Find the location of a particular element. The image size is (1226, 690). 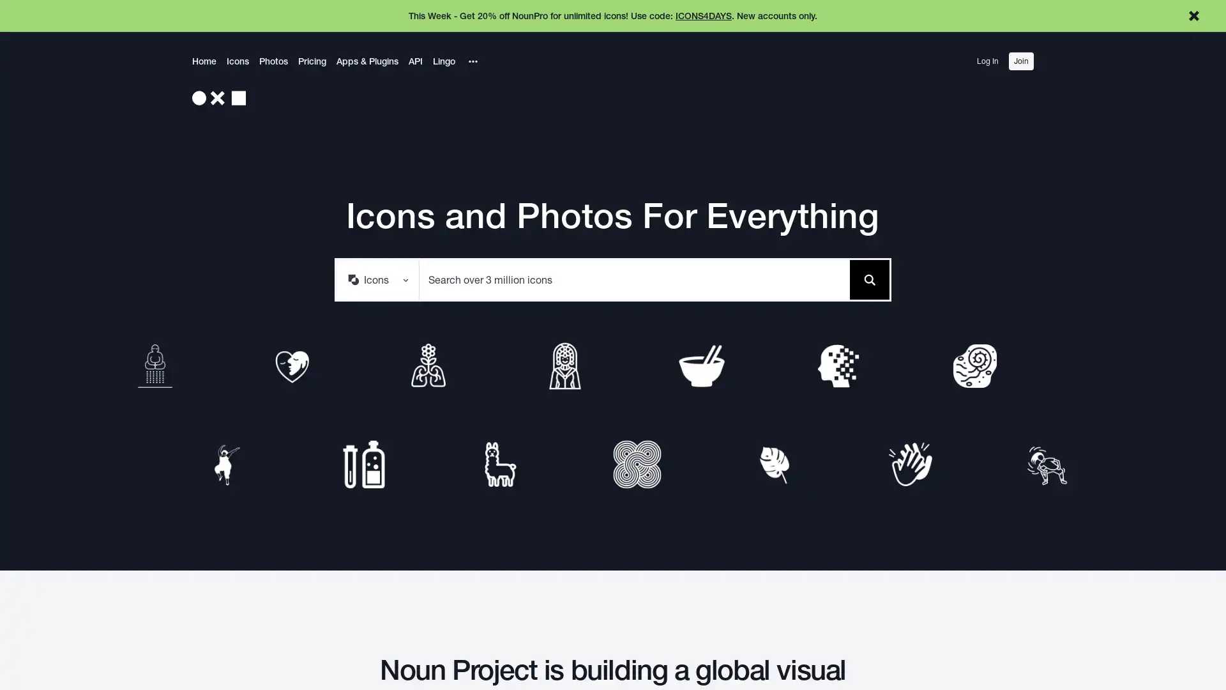

Overflow Menu is located at coordinates (472, 61).